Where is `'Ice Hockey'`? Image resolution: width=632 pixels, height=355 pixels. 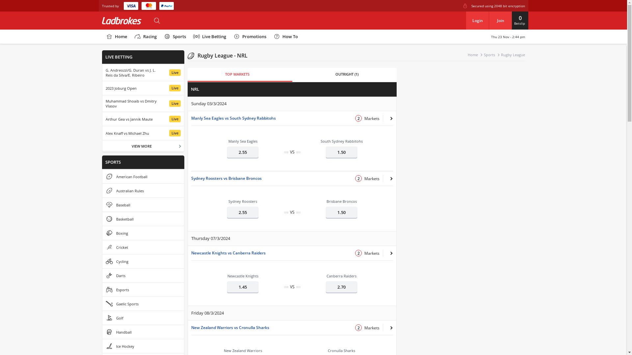
'Ice Hockey' is located at coordinates (143, 346).